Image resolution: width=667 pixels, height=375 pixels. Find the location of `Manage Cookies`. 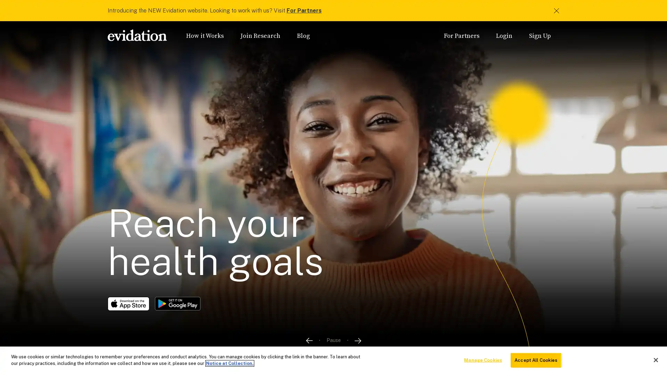

Manage Cookies is located at coordinates (483, 360).